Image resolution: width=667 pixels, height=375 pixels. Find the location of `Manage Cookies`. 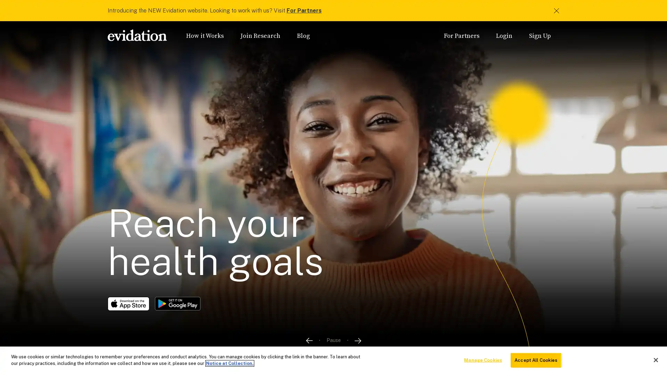

Manage Cookies is located at coordinates (483, 360).